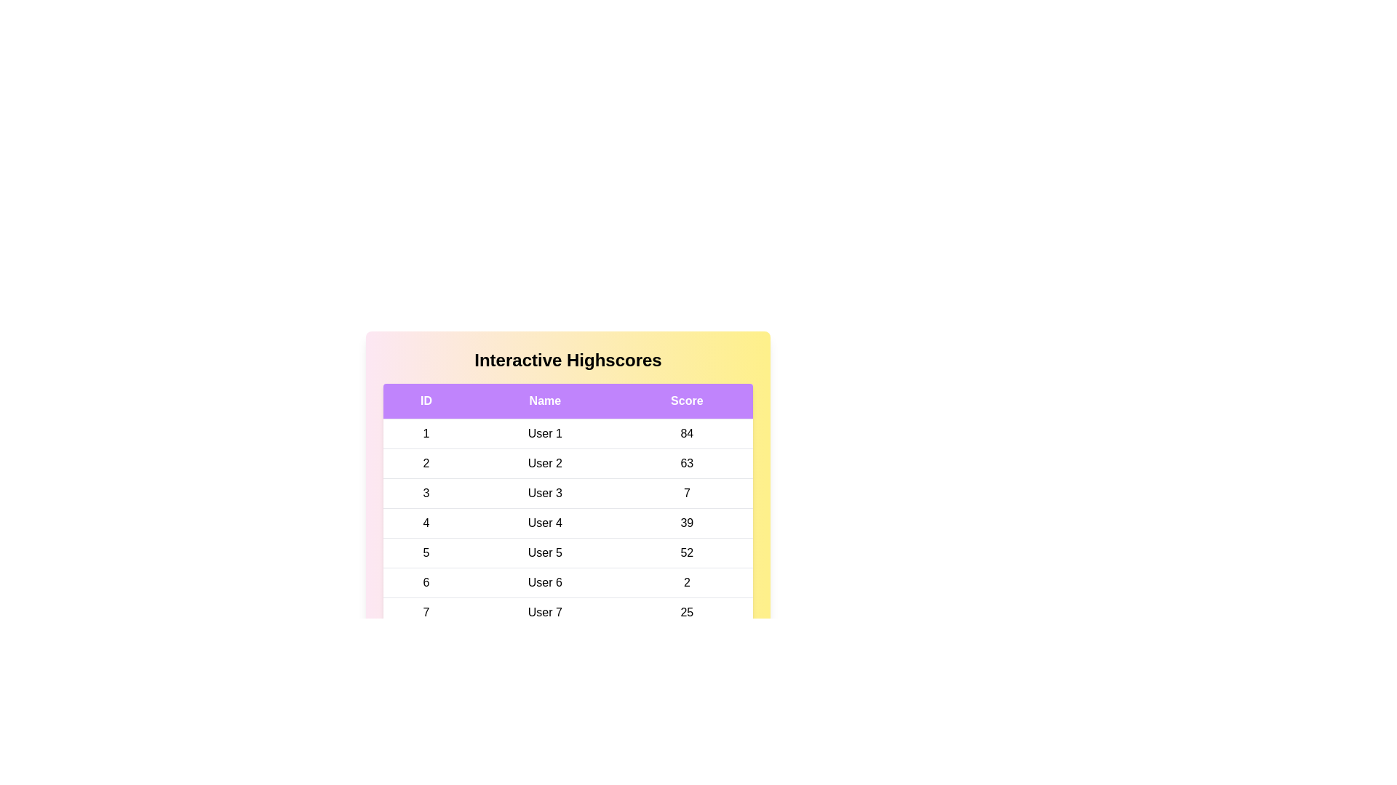 This screenshot has height=785, width=1397. What do you see at coordinates (568, 552) in the screenshot?
I see `the row corresponding to 5` at bounding box center [568, 552].